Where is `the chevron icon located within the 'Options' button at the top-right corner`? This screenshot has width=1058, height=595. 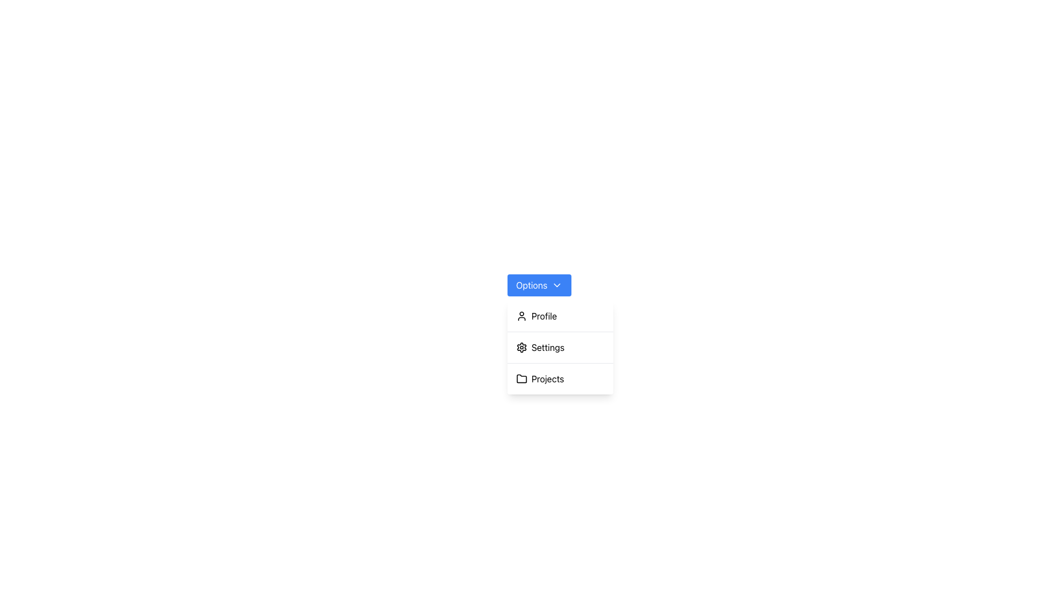 the chevron icon located within the 'Options' button at the top-right corner is located at coordinates (557, 284).